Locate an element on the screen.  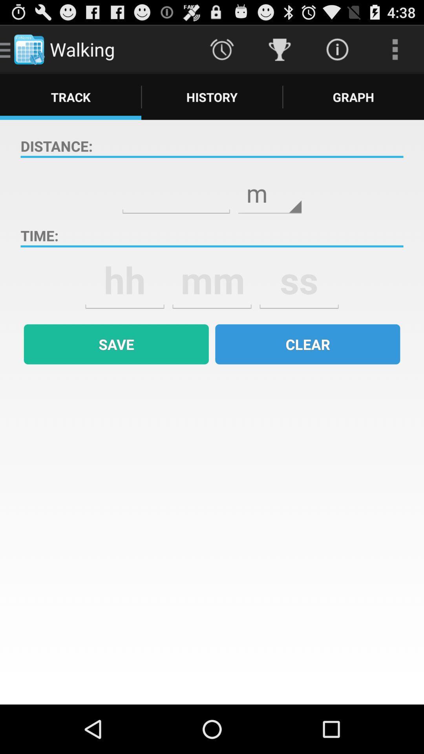
seconds is located at coordinates (299, 280).